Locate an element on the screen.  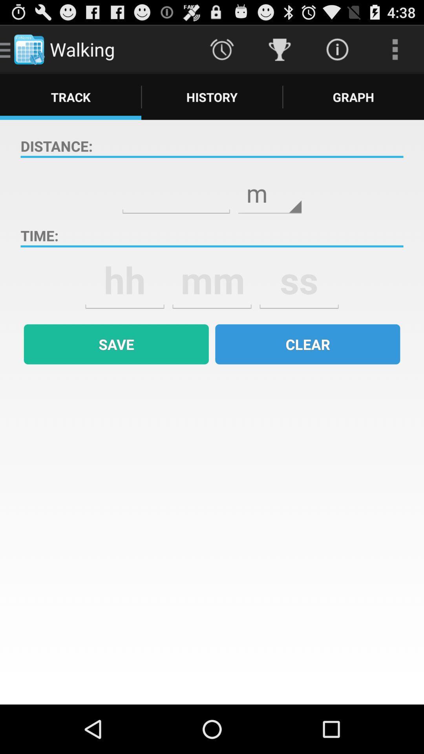
seconds is located at coordinates (299, 280).